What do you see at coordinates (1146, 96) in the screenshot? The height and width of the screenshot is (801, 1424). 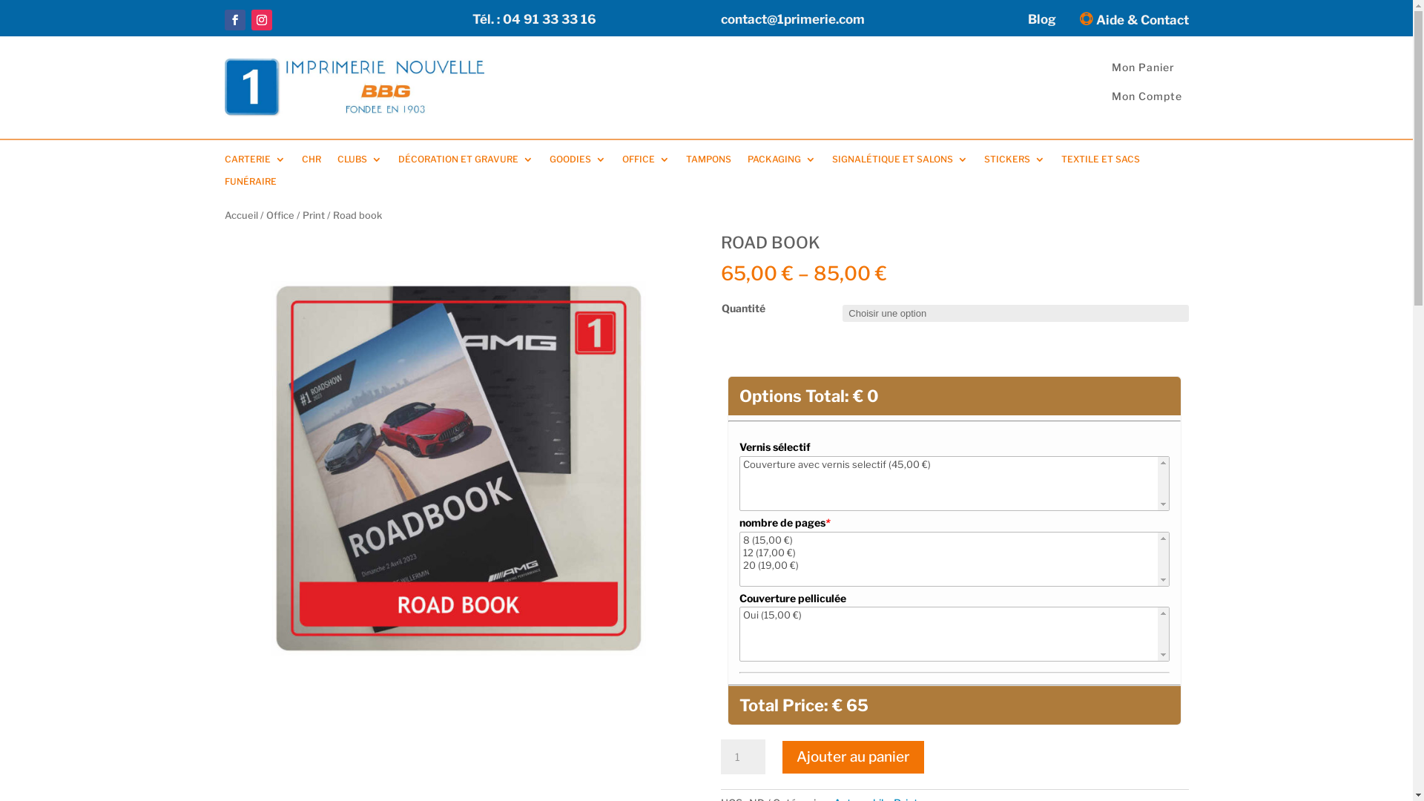 I see `'Mon Compte'` at bounding box center [1146, 96].